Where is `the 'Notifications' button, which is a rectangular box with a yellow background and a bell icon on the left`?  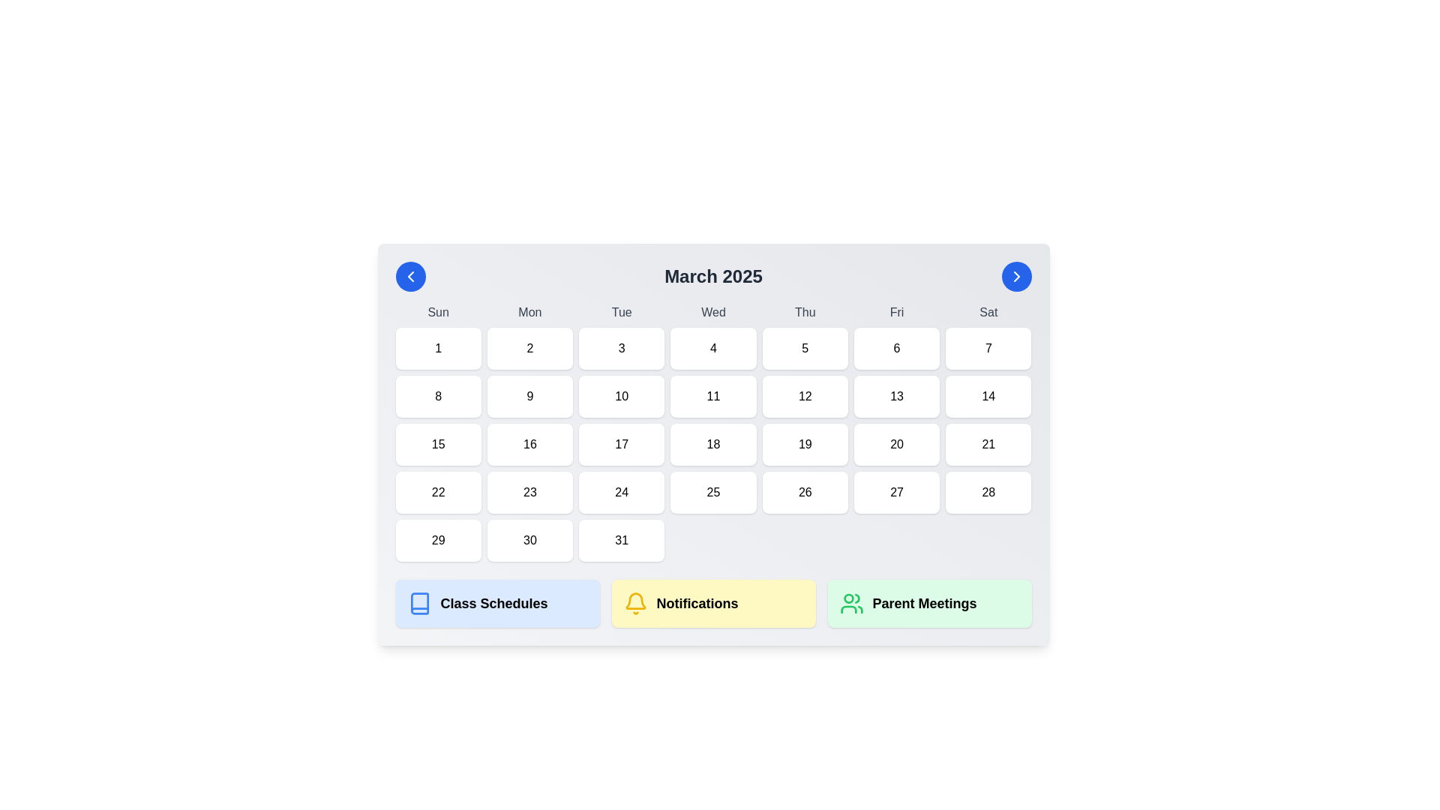 the 'Notifications' button, which is a rectangular box with a yellow background and a bell icon on the left is located at coordinates (712, 603).